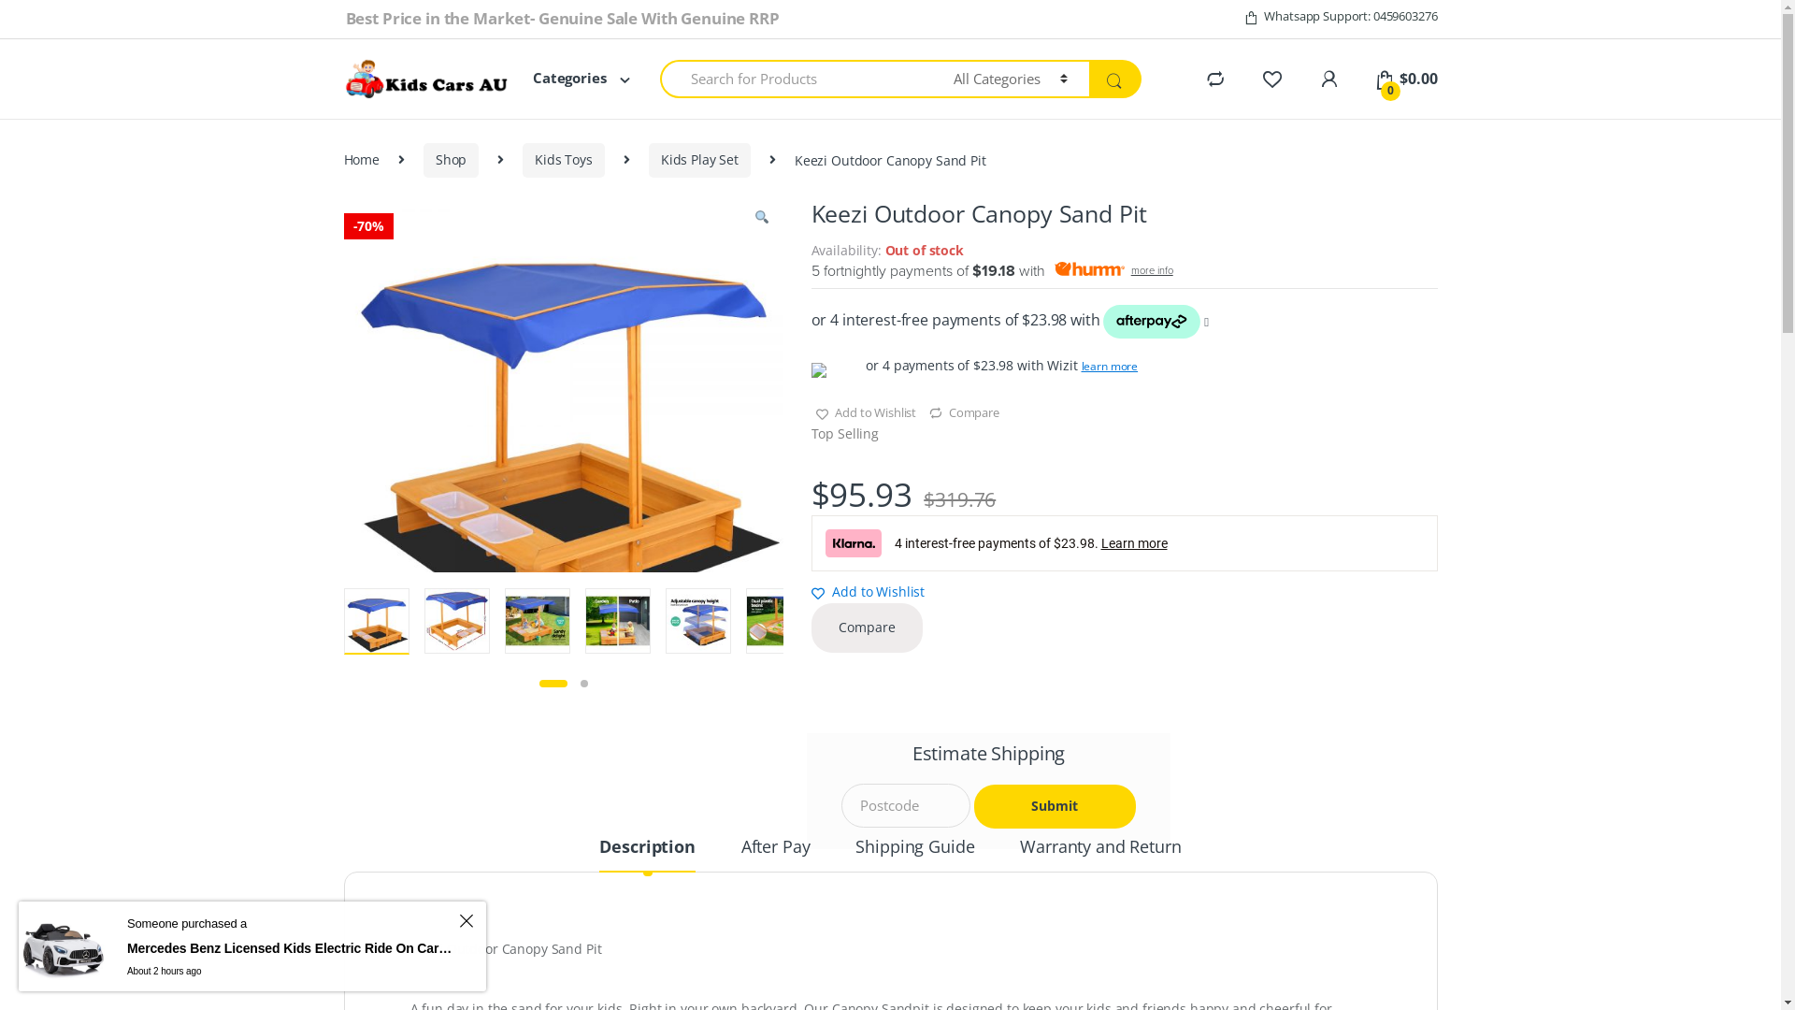  What do you see at coordinates (510, 78) in the screenshot?
I see `'Categories'` at bounding box center [510, 78].